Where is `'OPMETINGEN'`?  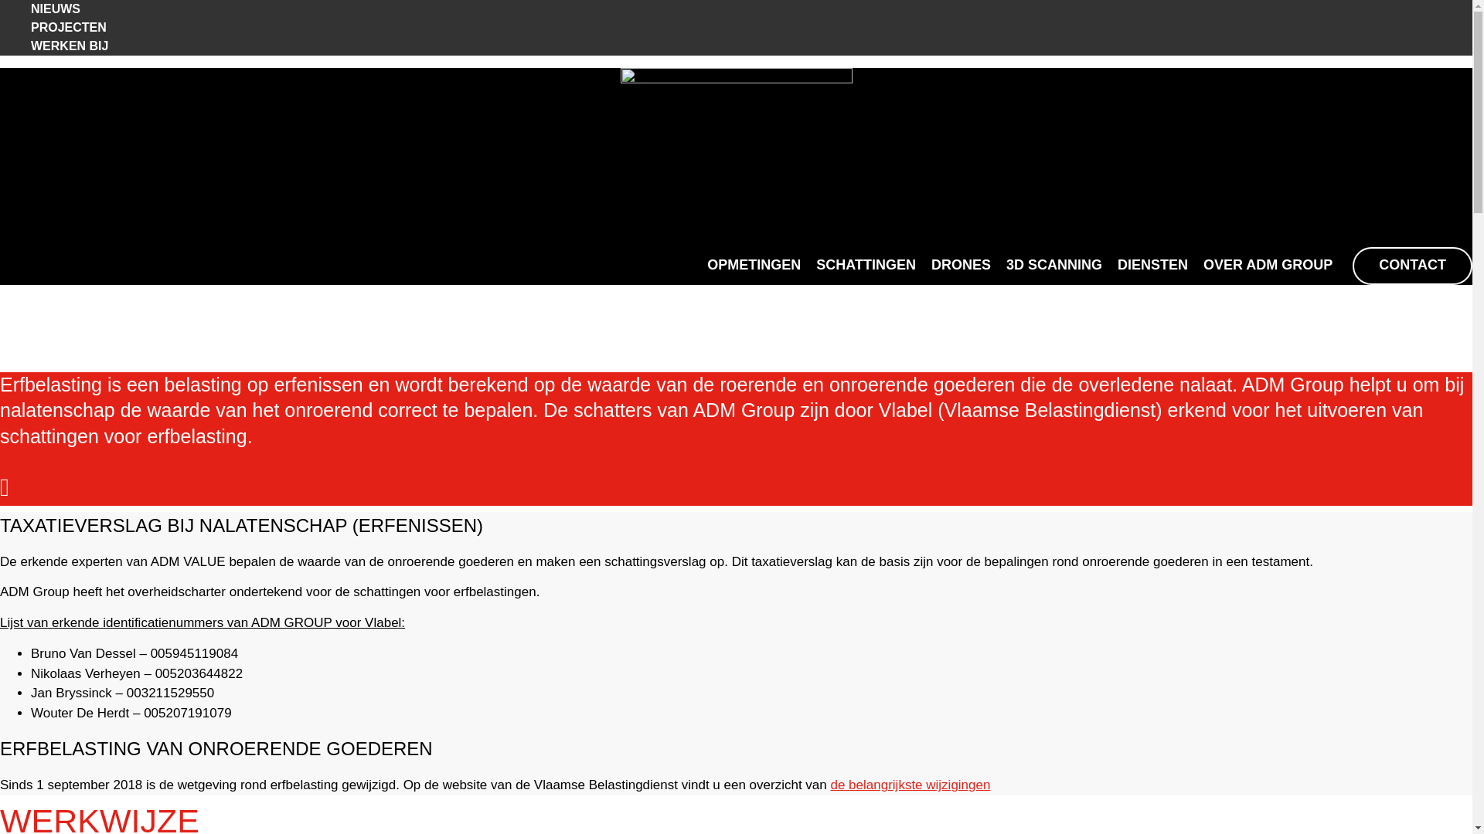
'OPMETINGEN' is located at coordinates (754, 265).